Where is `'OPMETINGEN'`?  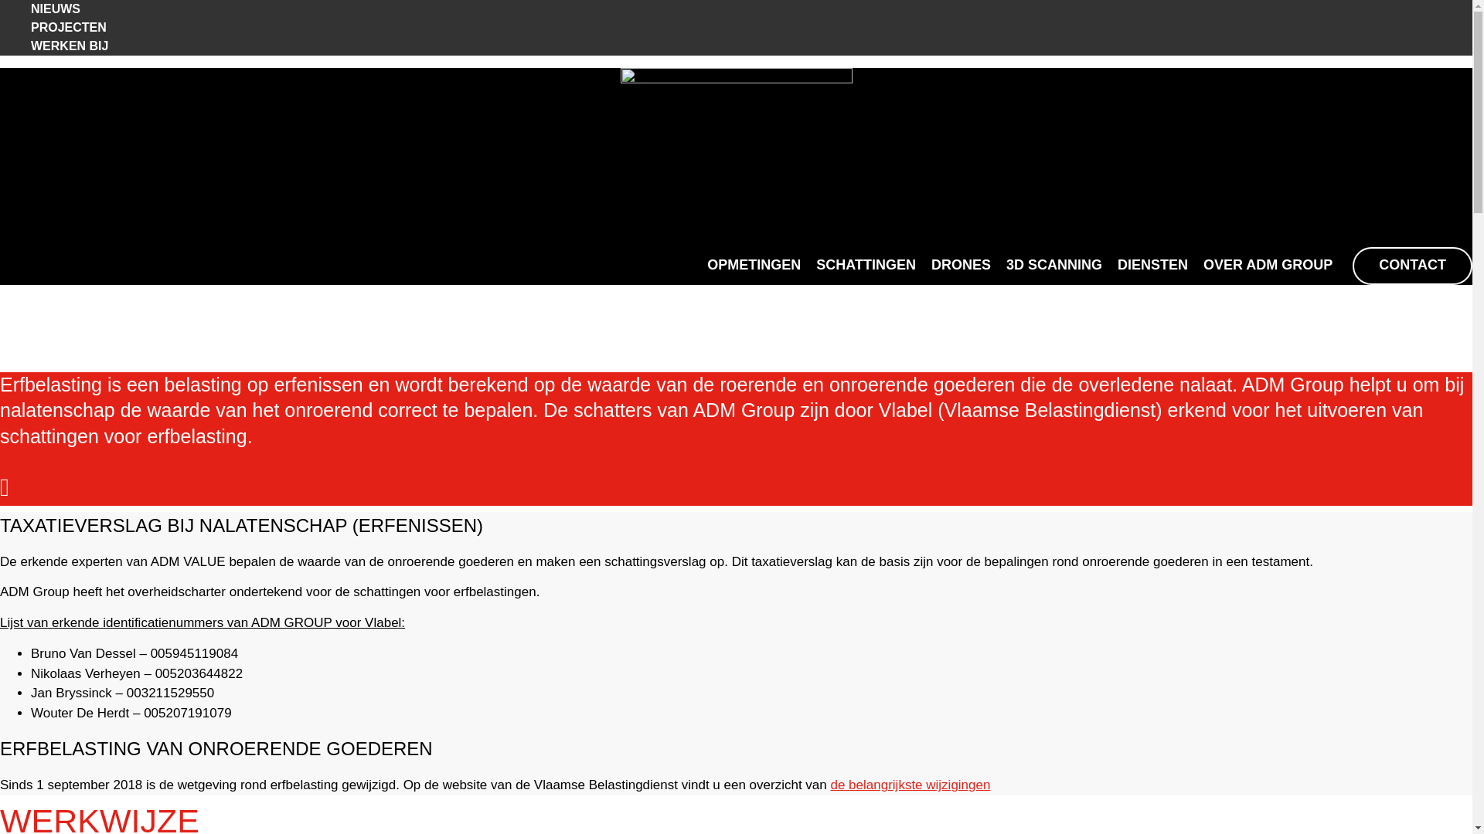
'OPMETINGEN' is located at coordinates (754, 265).